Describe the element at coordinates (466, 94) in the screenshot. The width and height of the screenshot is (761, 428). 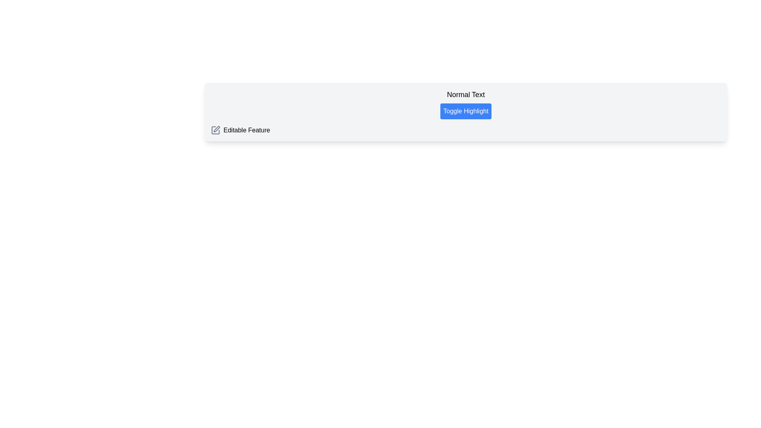
I see `the static text label that provides textual information to users, located above the blue 'Toggle Highlight' button` at that location.